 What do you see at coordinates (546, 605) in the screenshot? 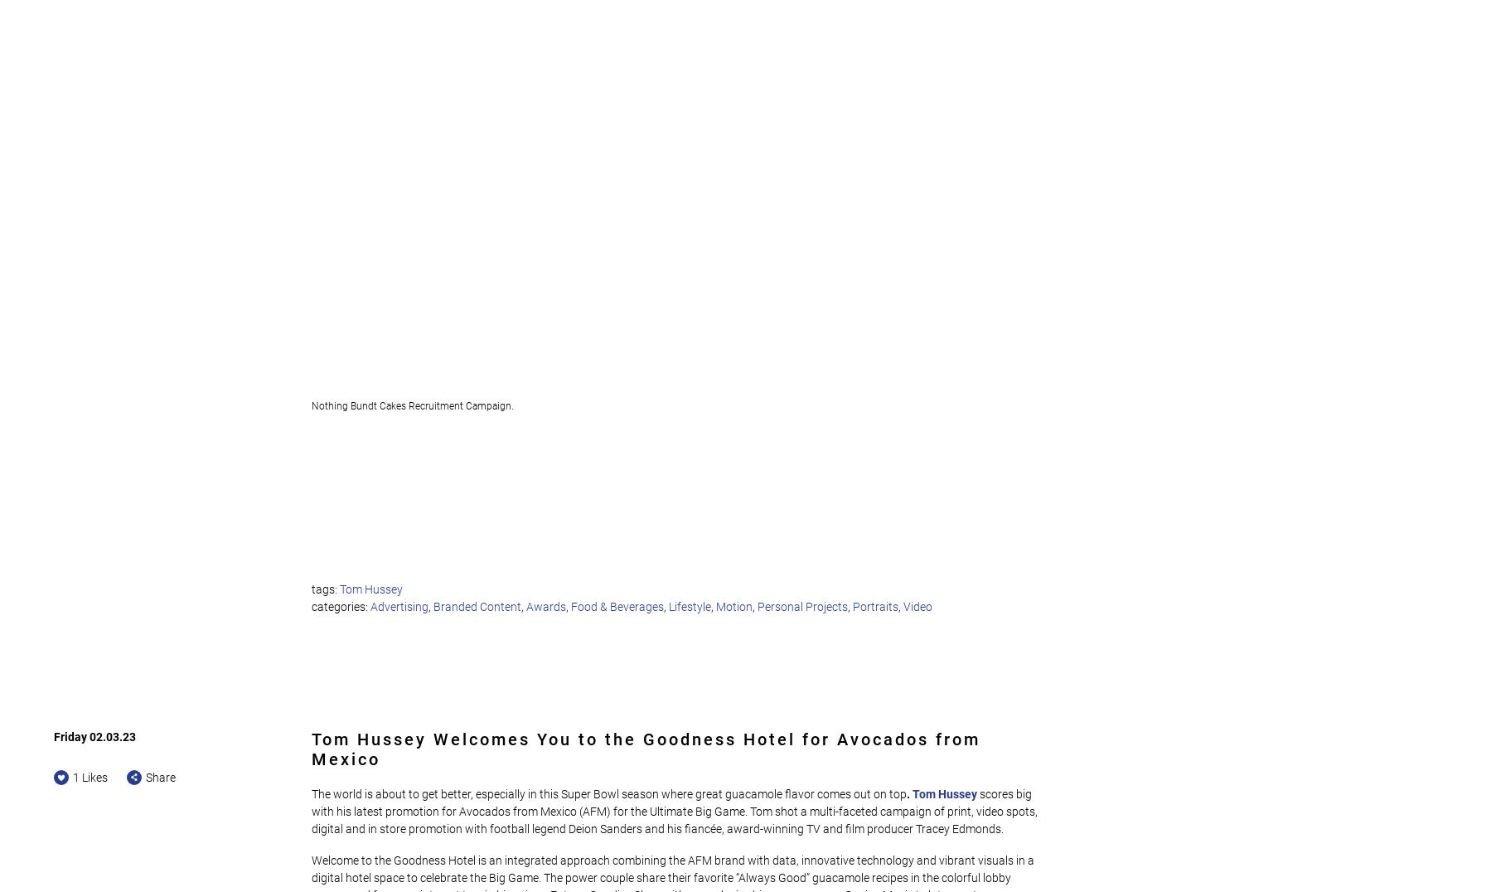
I see `'Awards'` at bounding box center [546, 605].